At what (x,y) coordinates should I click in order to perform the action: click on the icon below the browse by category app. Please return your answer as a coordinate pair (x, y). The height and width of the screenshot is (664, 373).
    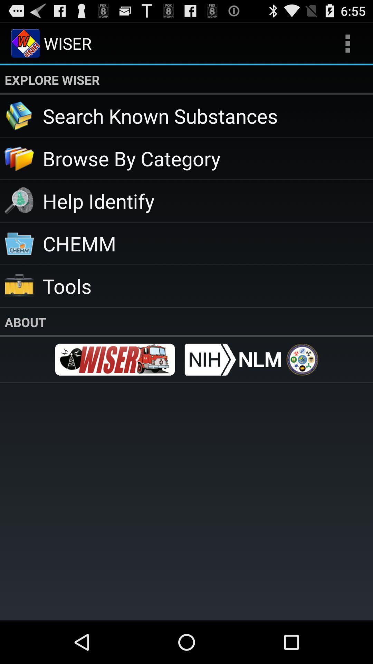
    Looking at the image, I should click on (207, 200).